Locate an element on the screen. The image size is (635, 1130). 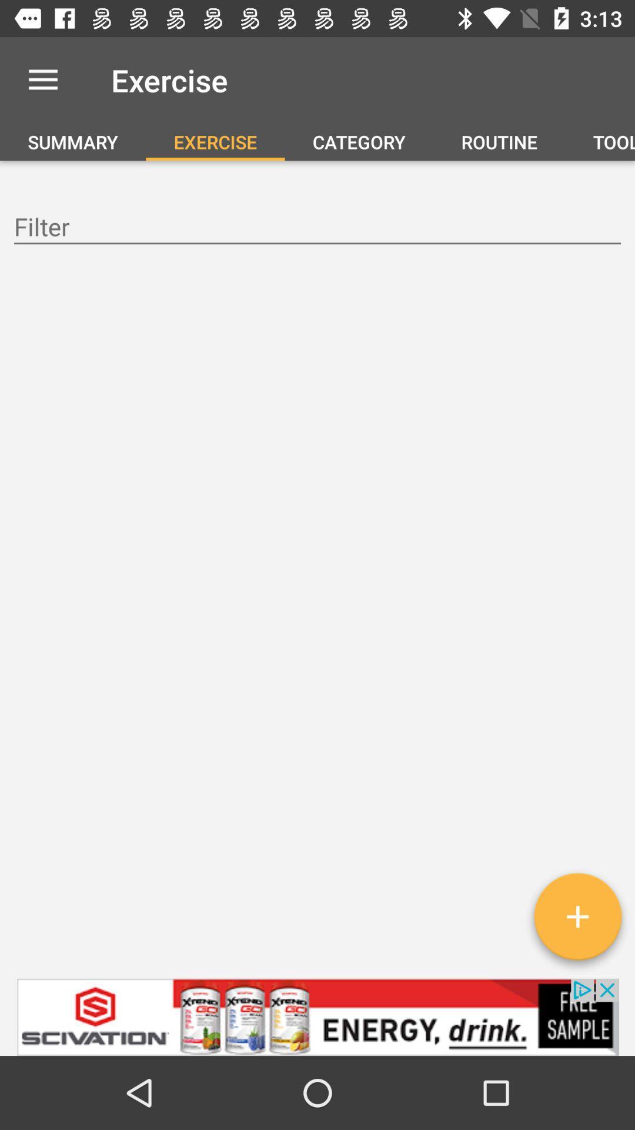
filter name is located at coordinates (317, 228).